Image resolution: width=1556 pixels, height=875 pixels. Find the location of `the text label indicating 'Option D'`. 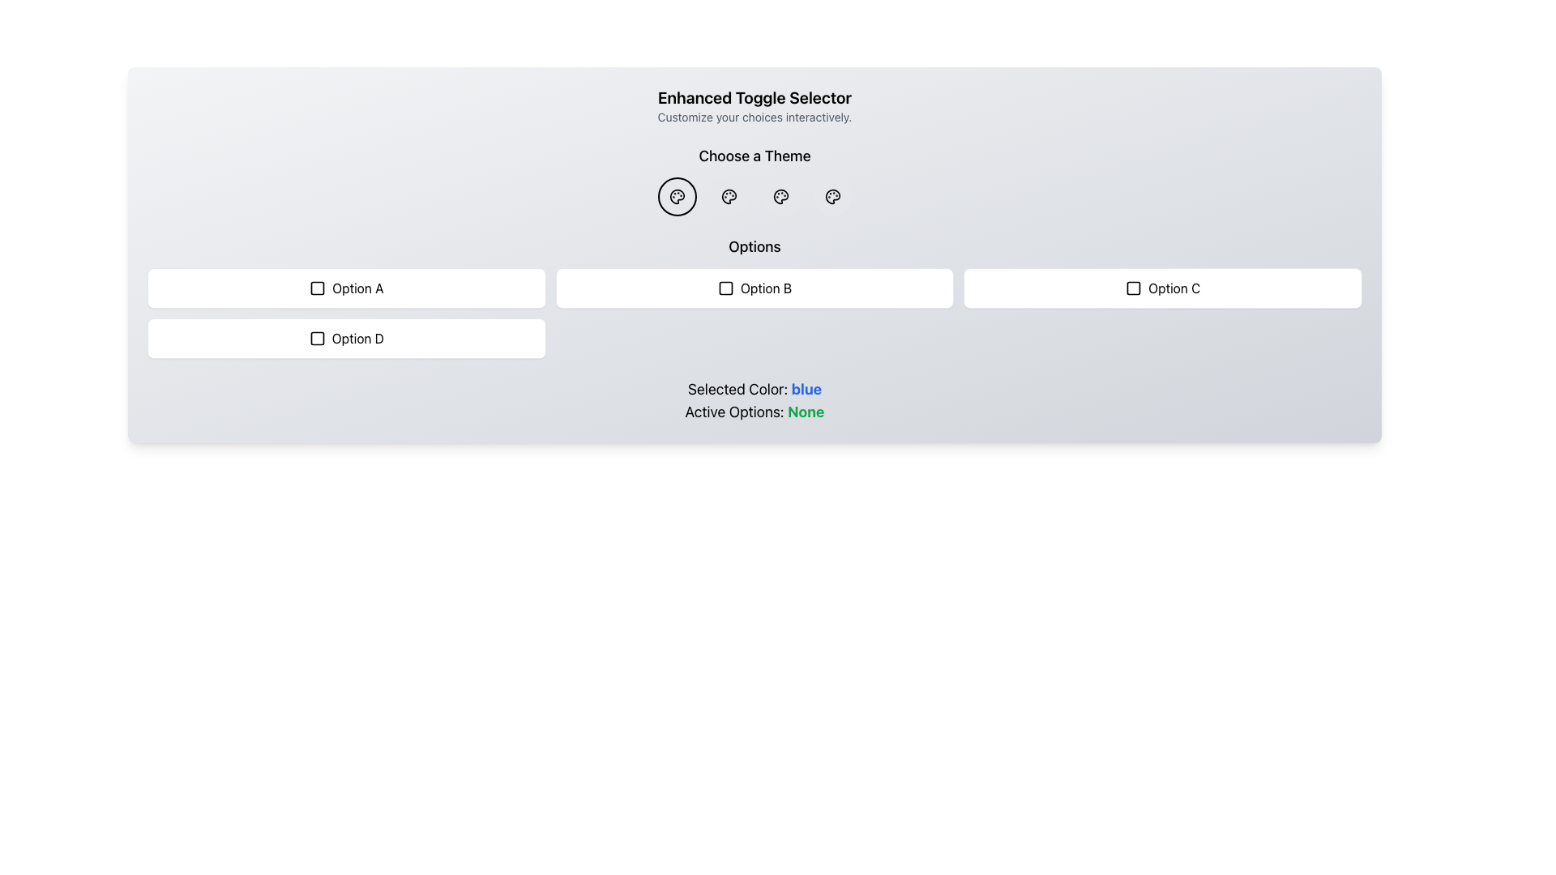

the text label indicating 'Option D' is located at coordinates (357, 337).